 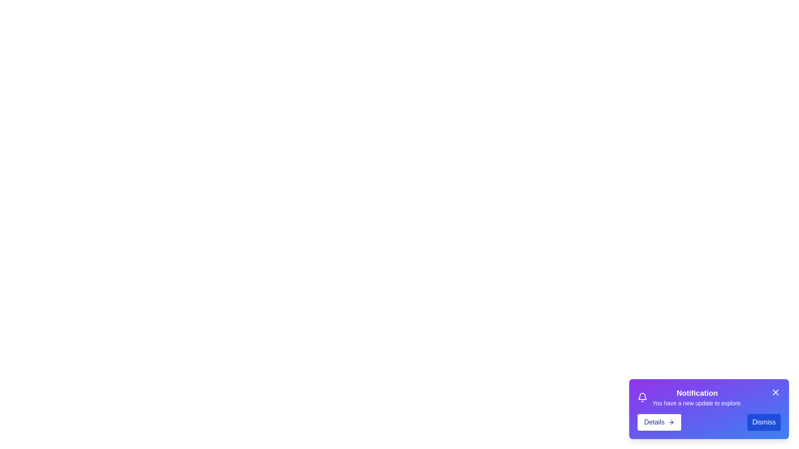 I want to click on the minimalistic cross icon located at the top-right corner of the notification popup by interacting through the keyboard, so click(x=775, y=392).